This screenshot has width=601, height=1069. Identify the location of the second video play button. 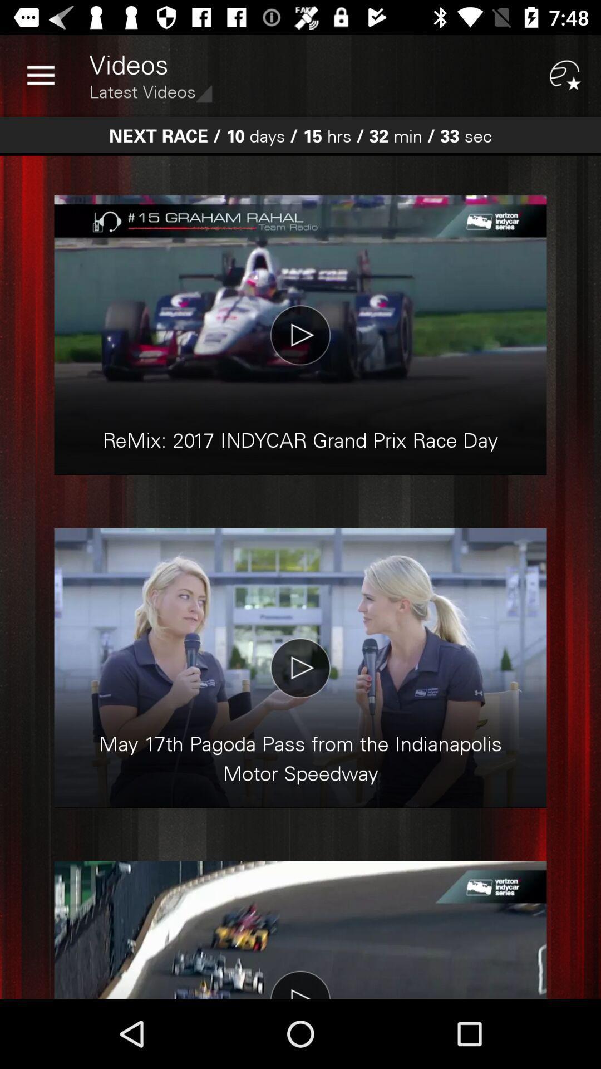
(300, 668).